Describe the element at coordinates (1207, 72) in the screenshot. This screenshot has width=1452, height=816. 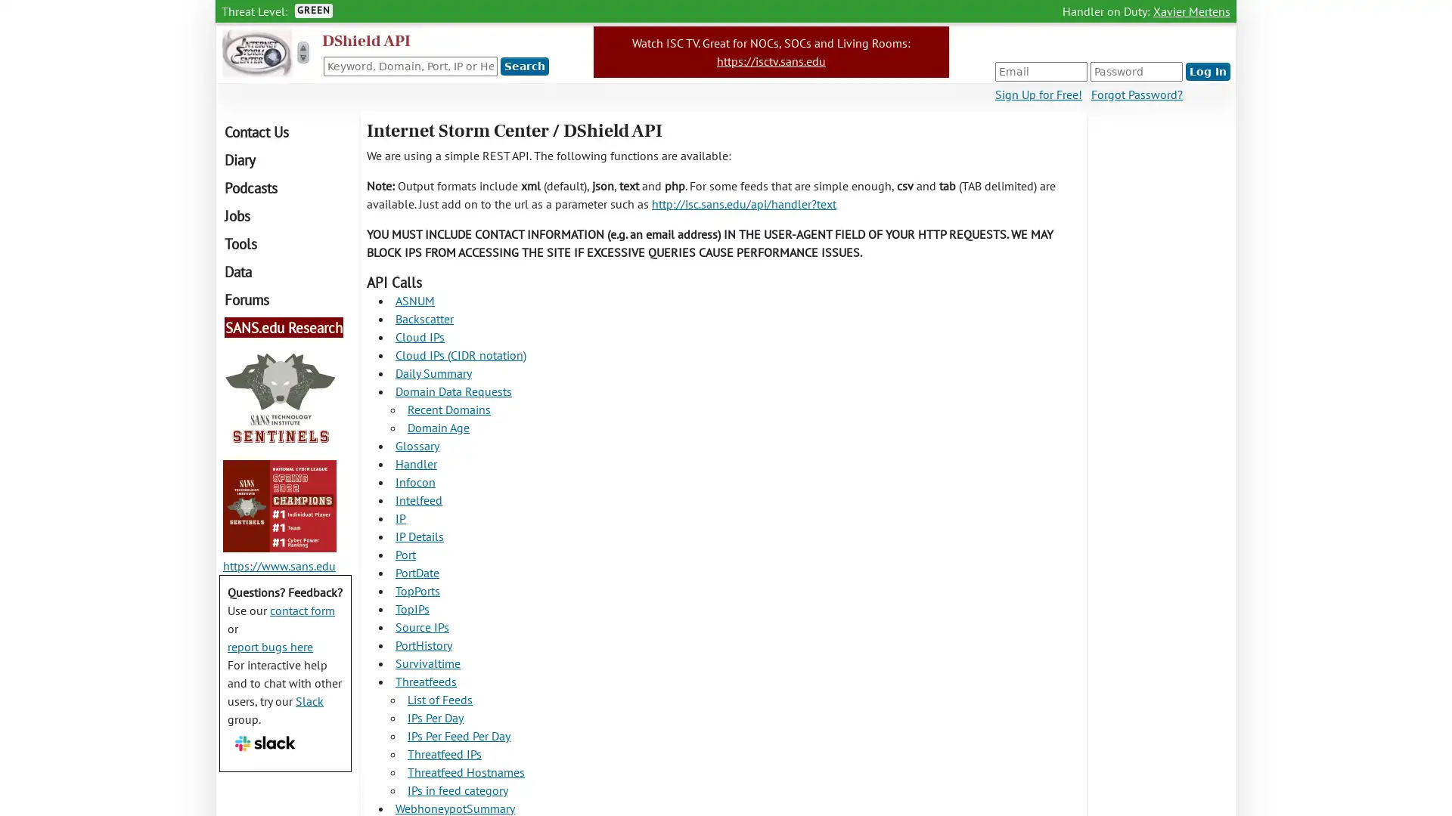
I see `Log In` at that location.